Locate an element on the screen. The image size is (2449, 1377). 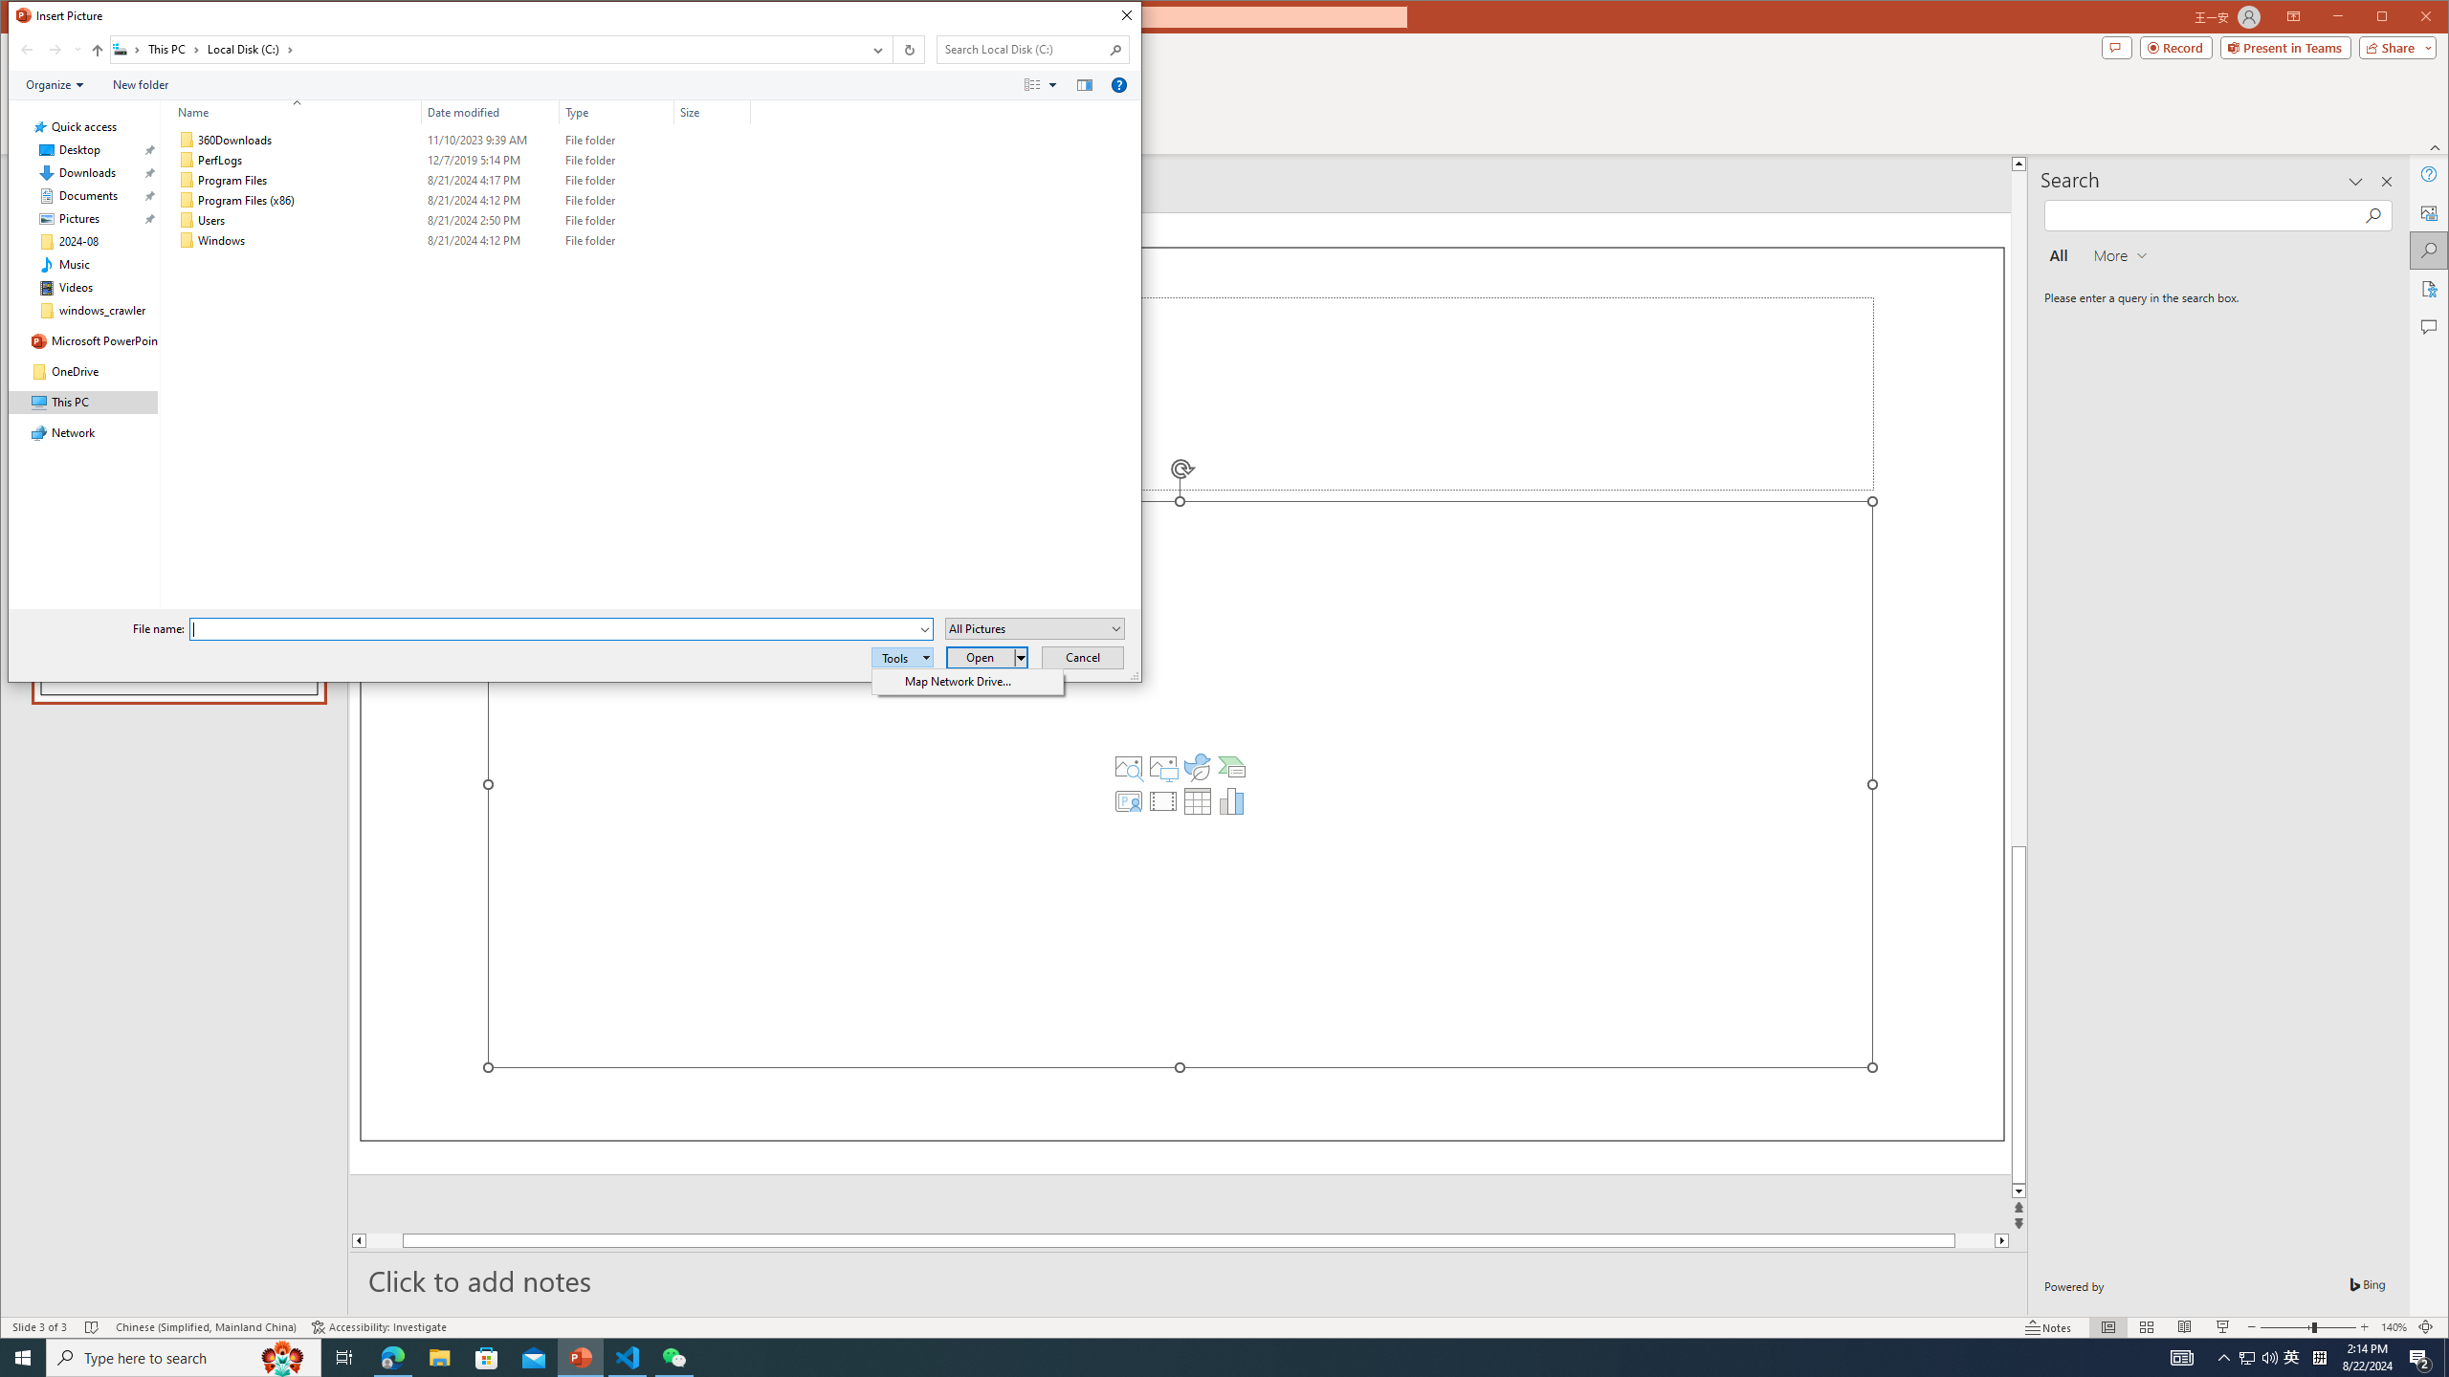
'Name' is located at coordinates (290, 111).